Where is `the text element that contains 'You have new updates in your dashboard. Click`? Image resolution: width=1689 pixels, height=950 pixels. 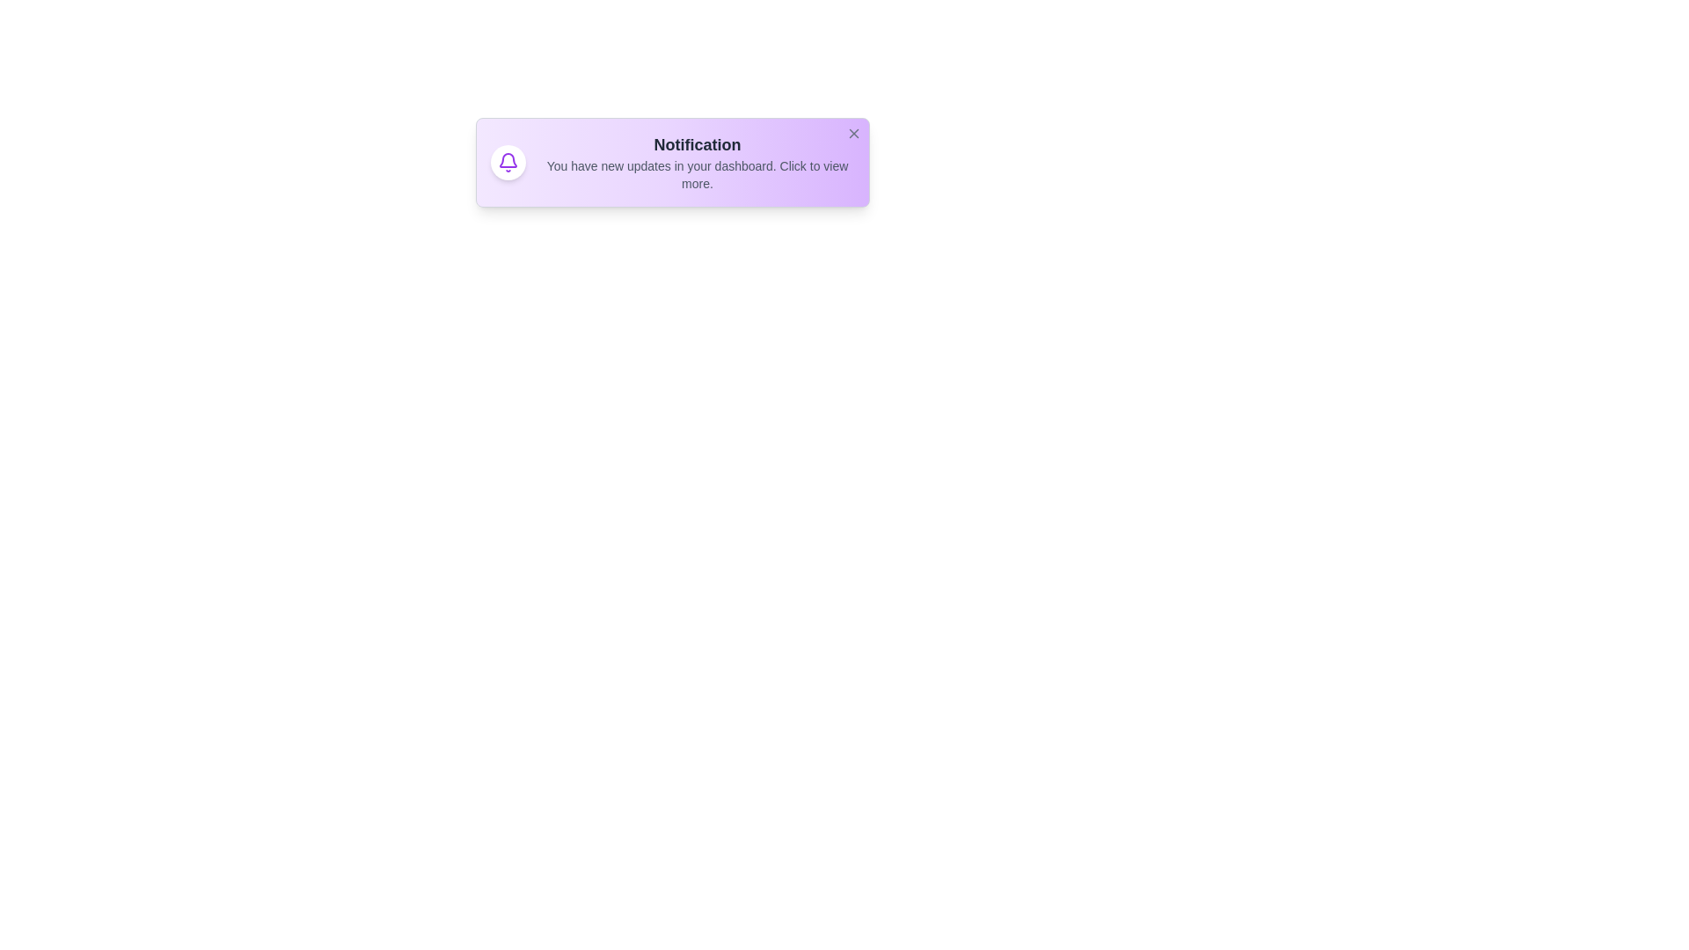
the text element that contains 'You have new updates in your dashboard. Click is located at coordinates (696, 175).